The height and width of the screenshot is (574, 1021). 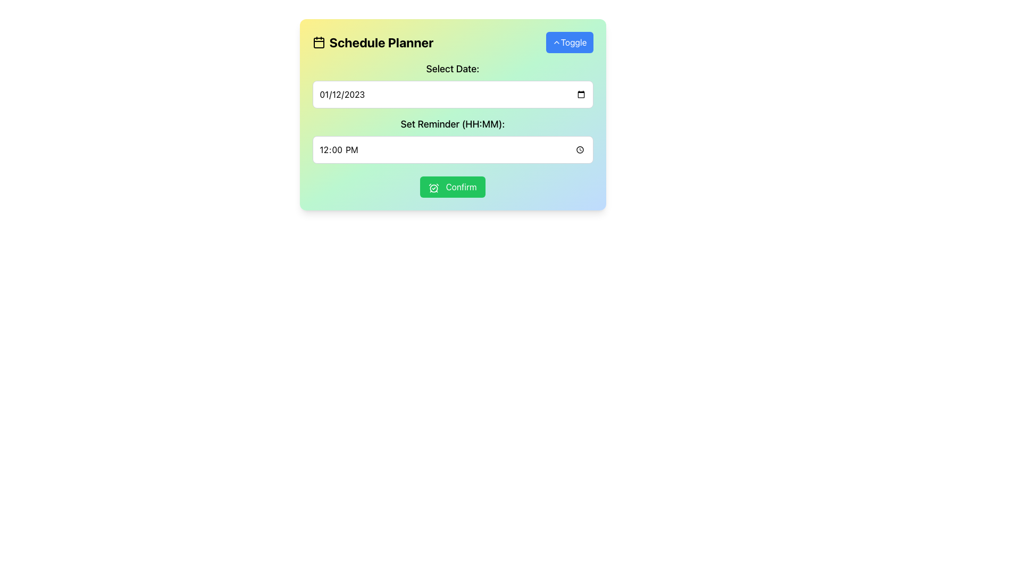 What do you see at coordinates (453, 186) in the screenshot?
I see `the green 'Confirm' button located in the 'Schedule Planner' section, positioned below the 'Set Reminder (HH:MM)' input field, to confirm settings` at bounding box center [453, 186].